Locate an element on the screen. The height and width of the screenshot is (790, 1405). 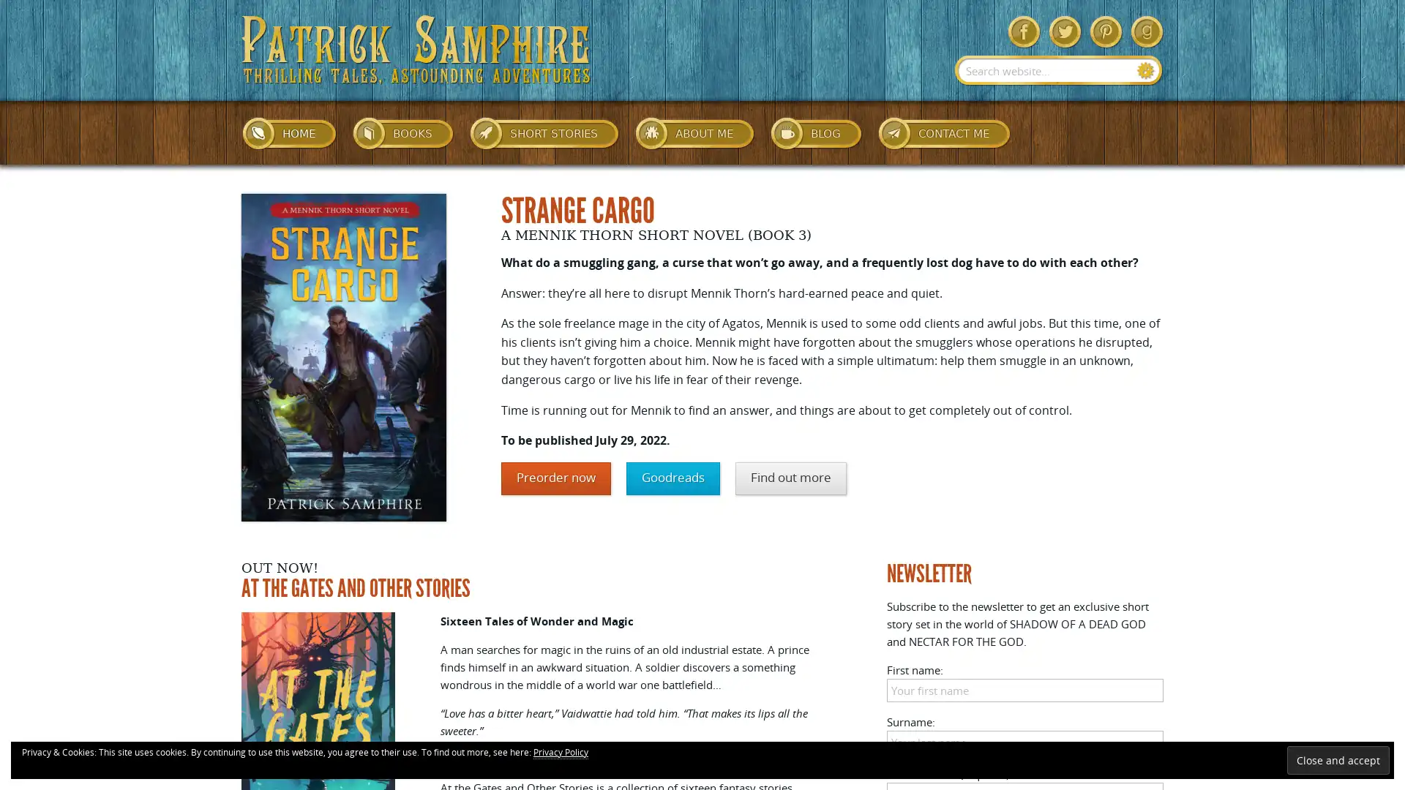
Search is located at coordinates (1145, 70).